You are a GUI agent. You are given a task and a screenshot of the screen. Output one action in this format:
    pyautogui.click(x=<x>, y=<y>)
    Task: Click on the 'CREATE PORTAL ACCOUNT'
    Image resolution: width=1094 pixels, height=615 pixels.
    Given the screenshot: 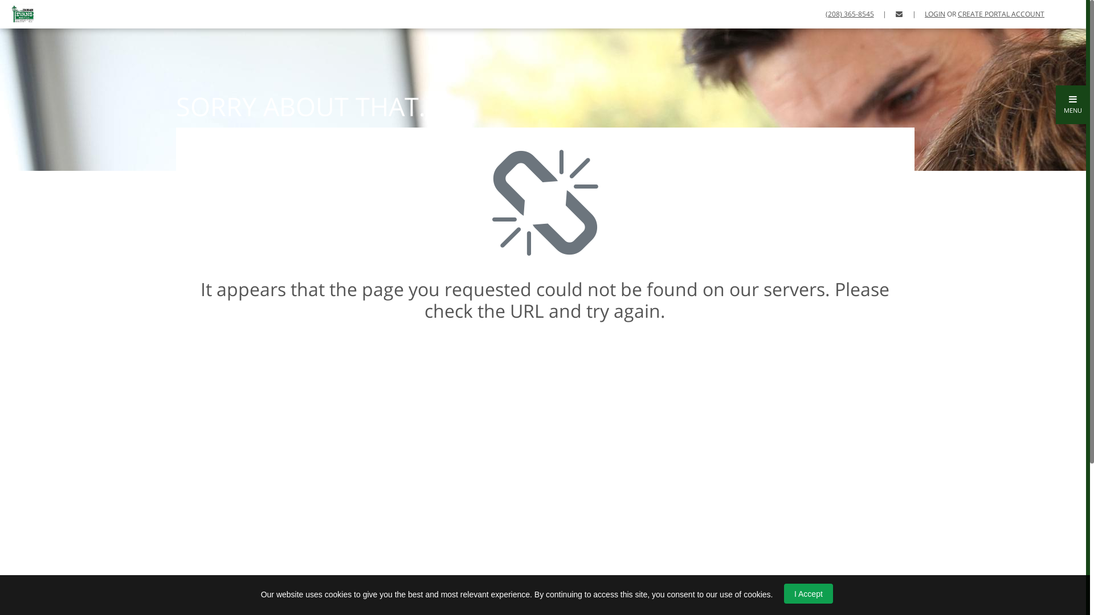 What is the action you would take?
    pyautogui.click(x=1000, y=14)
    